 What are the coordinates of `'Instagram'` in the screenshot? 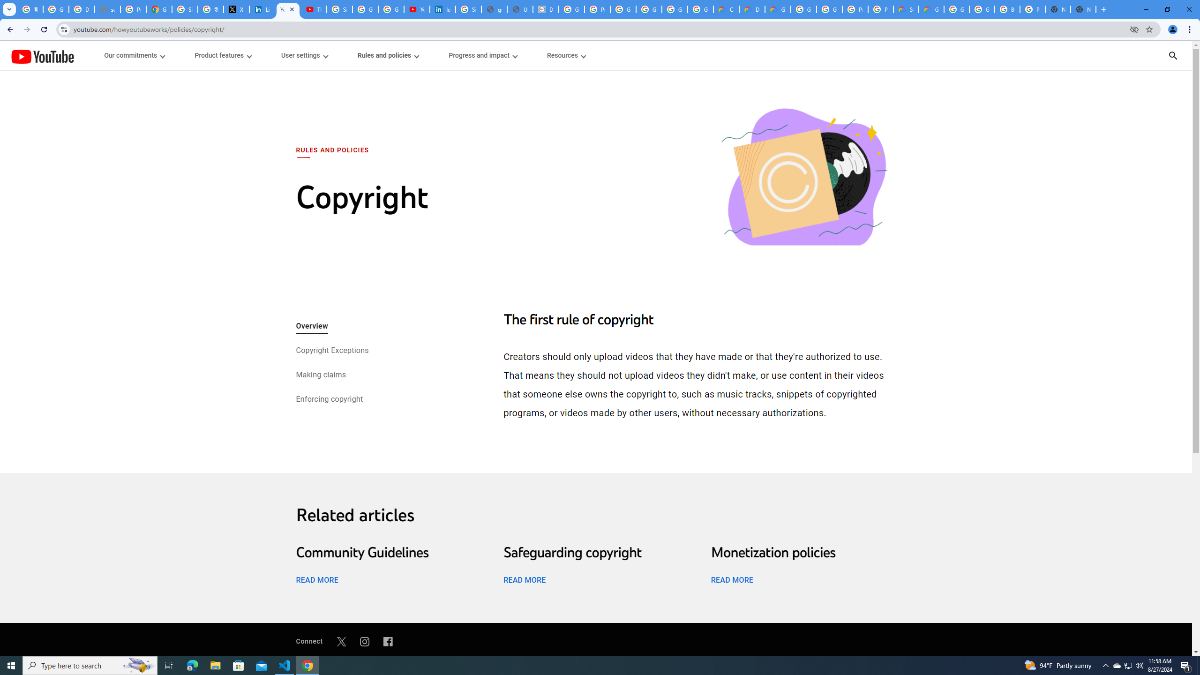 It's located at (365, 641).